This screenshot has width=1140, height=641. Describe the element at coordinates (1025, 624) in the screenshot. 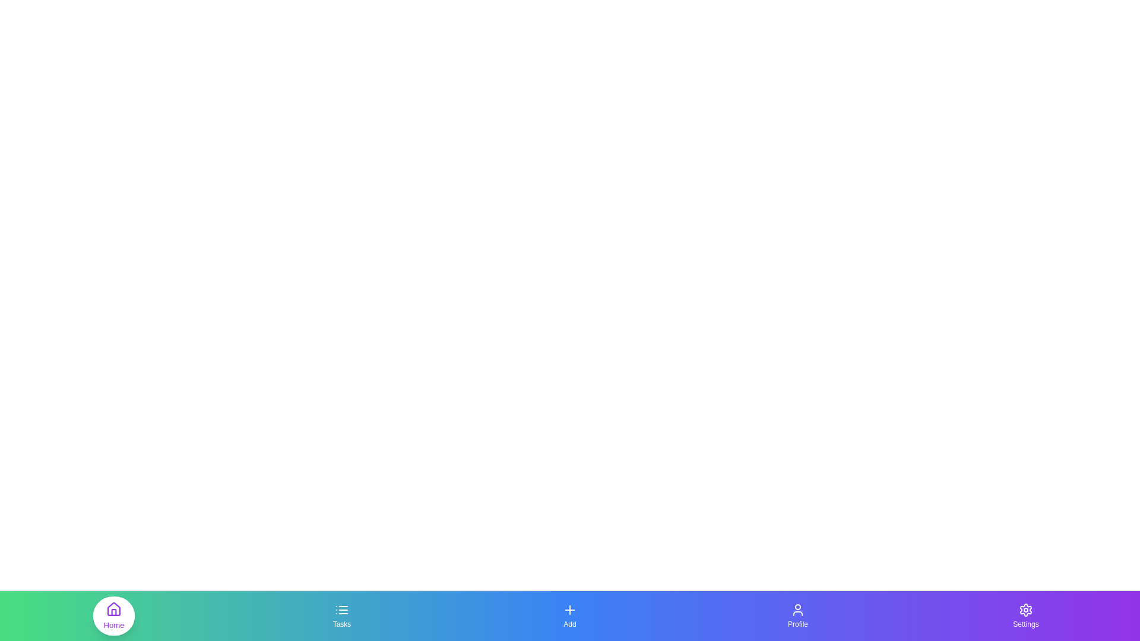

I see `the text label Settings under the respective icon in the bottom navigation` at that location.